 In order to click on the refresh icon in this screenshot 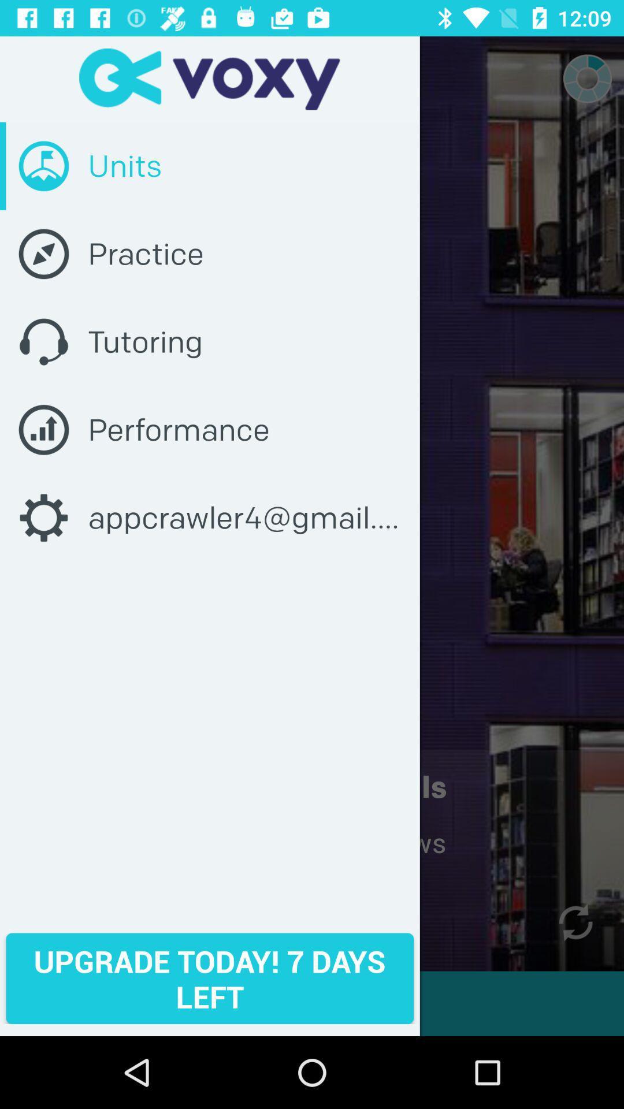, I will do `click(575, 922)`.